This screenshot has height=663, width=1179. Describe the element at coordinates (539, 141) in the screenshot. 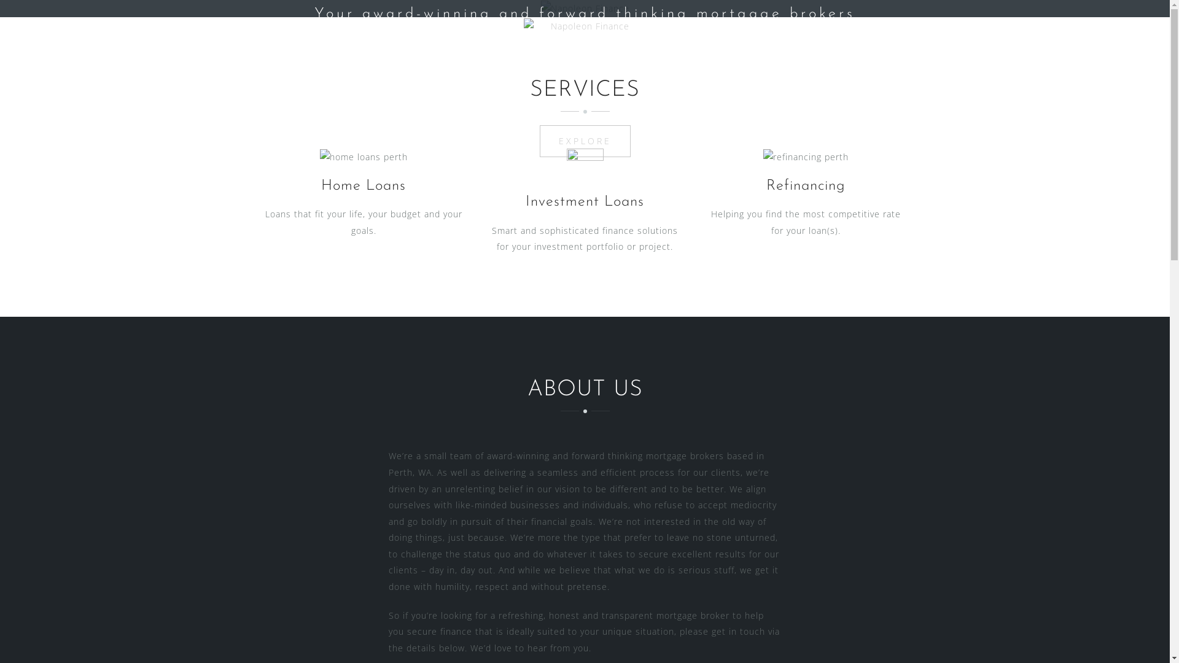

I see `'EXPLORE'` at that location.